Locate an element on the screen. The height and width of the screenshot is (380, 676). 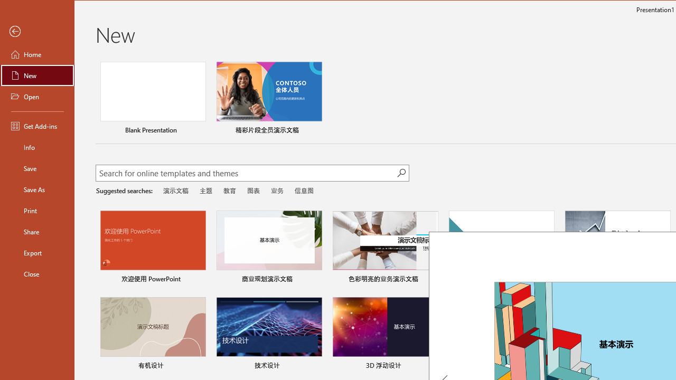
'Get Add-ins' is located at coordinates (37, 126).